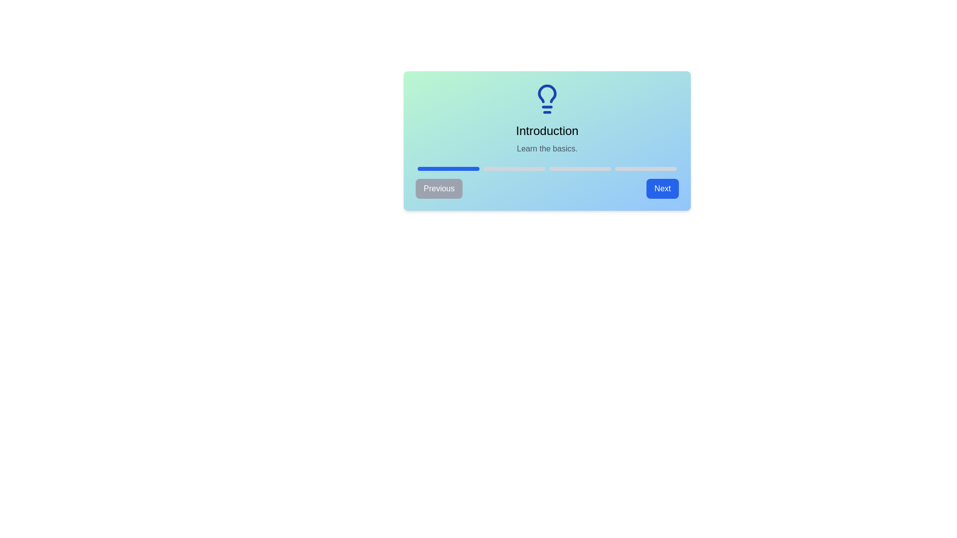 The height and width of the screenshot is (538, 957). What do you see at coordinates (662, 188) in the screenshot?
I see `'Next' button to proceed to the next step` at bounding box center [662, 188].